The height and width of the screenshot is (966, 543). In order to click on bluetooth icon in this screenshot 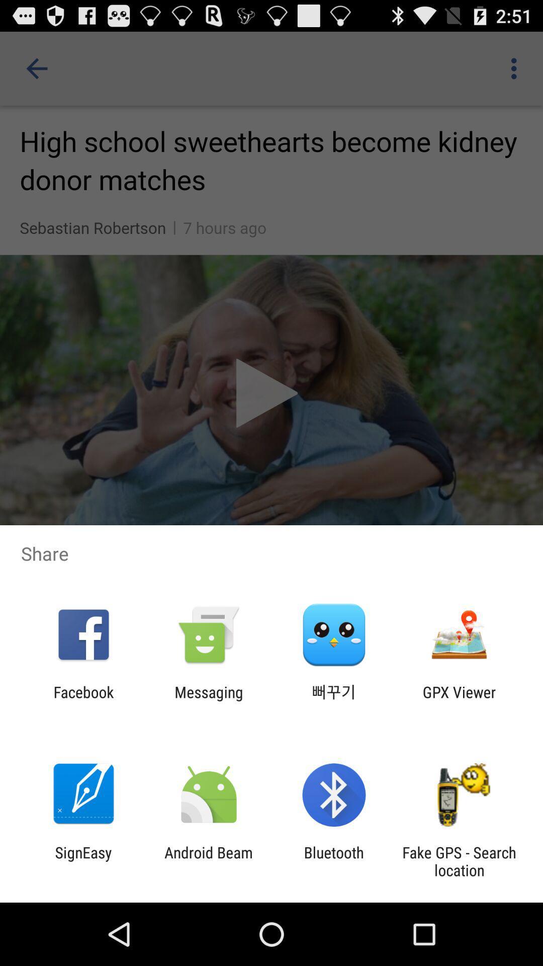, I will do `click(334, 861)`.